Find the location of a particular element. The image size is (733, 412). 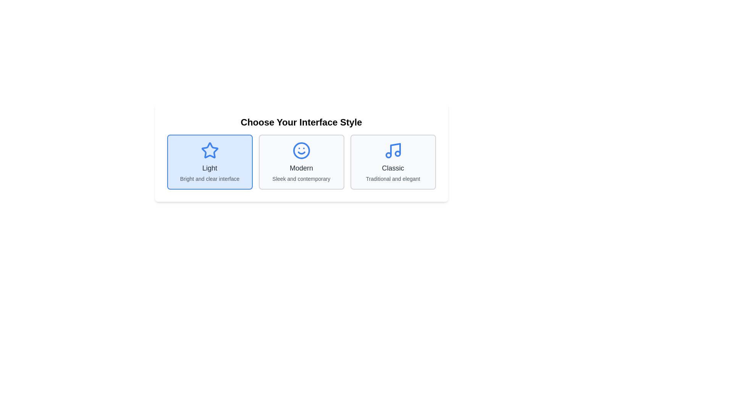

the supplementary descriptive text that provides additional detail about the 'Modern' interface style option, which is located beneath the 'Modern' title text in the central selectable card is located at coordinates (301, 179).